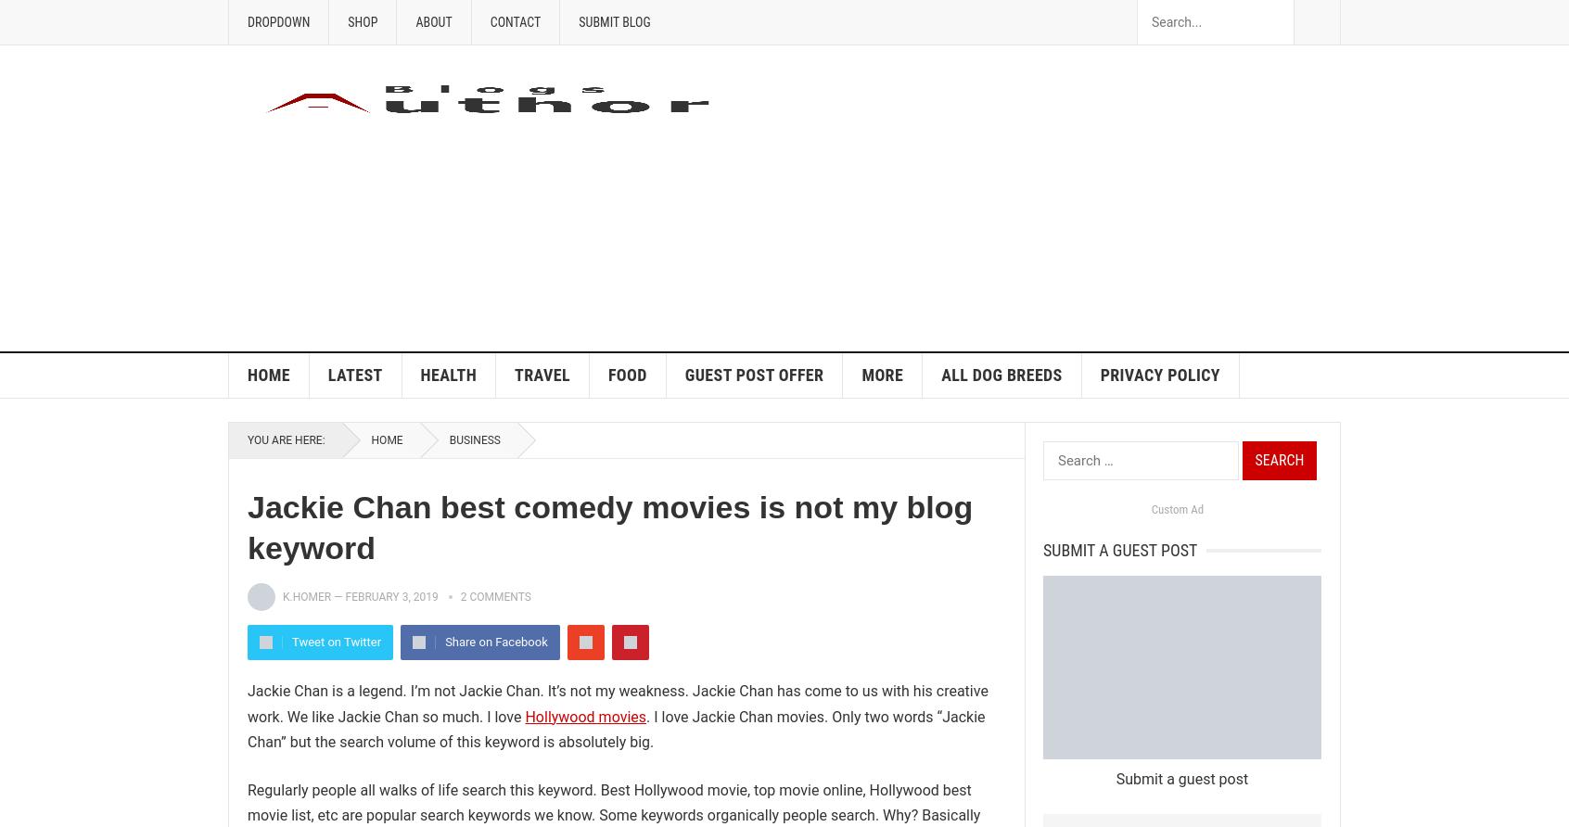 This screenshot has height=827, width=1569. What do you see at coordinates (291, 642) in the screenshot?
I see `'Tweet on Twitter'` at bounding box center [291, 642].